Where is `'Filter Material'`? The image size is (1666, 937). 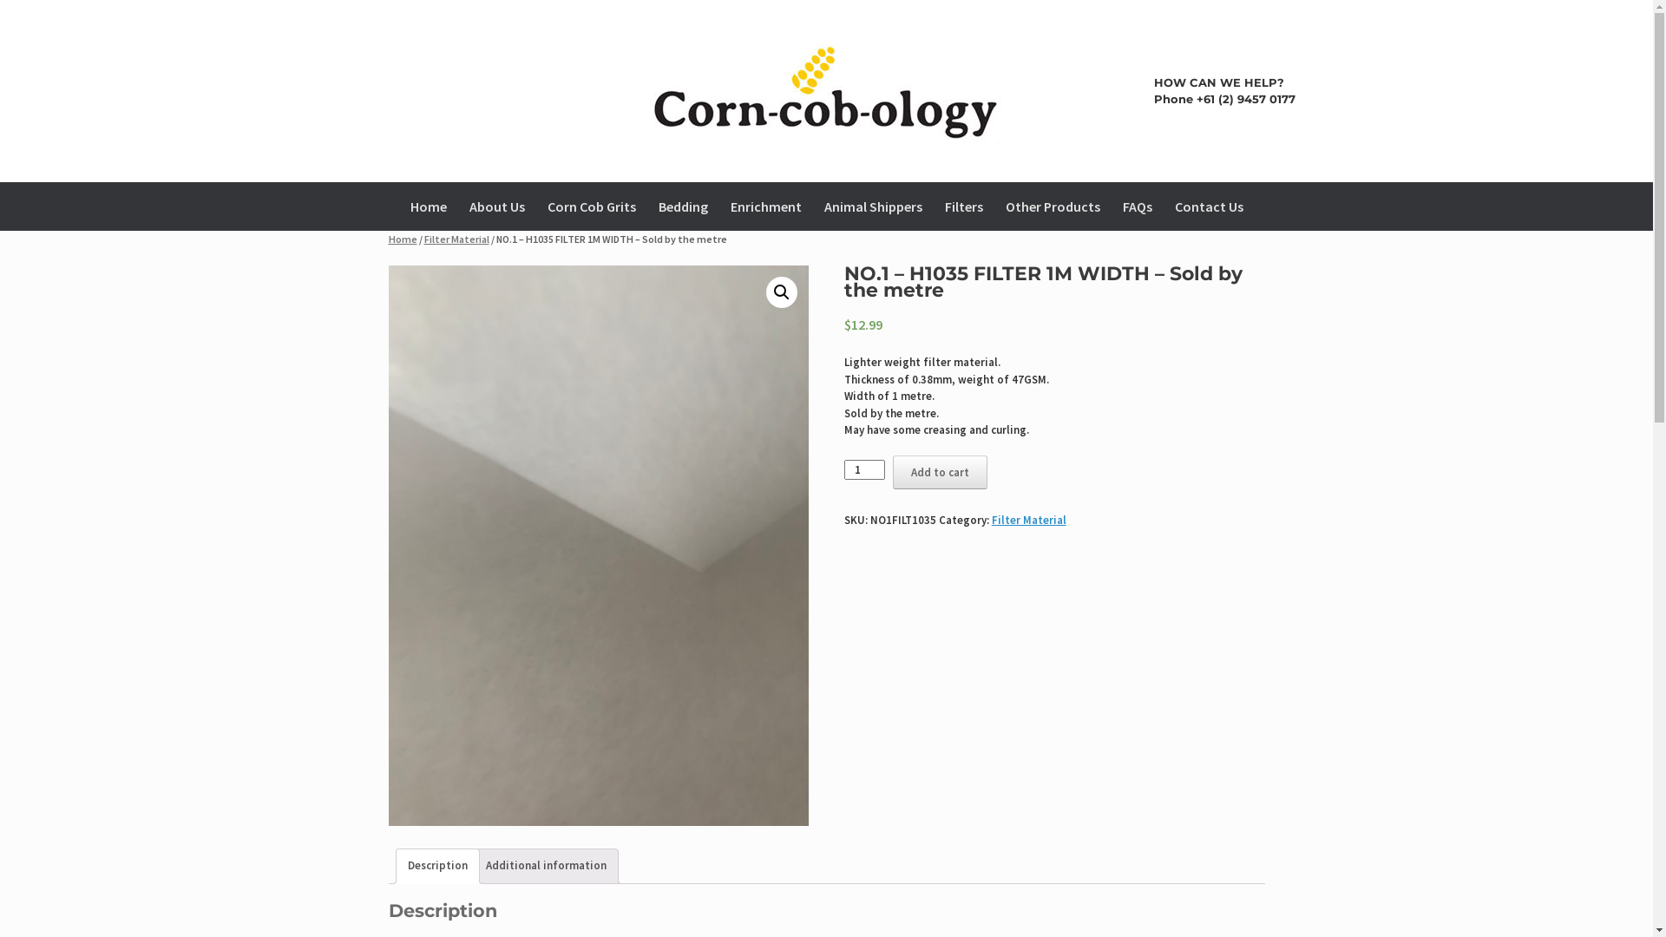
'Filter Material' is located at coordinates (456, 239).